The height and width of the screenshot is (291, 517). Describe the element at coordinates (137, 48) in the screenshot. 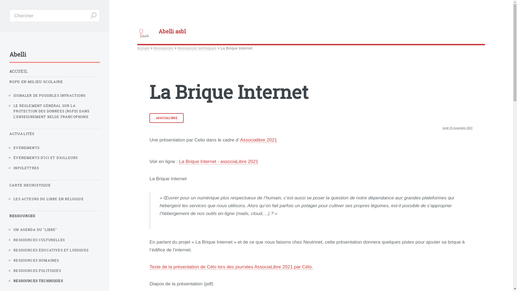

I see `'Accueil'` at that location.